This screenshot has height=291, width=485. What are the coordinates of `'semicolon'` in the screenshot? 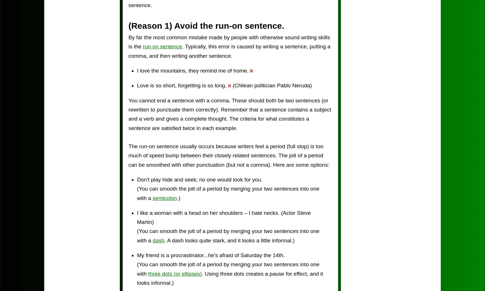 It's located at (164, 197).